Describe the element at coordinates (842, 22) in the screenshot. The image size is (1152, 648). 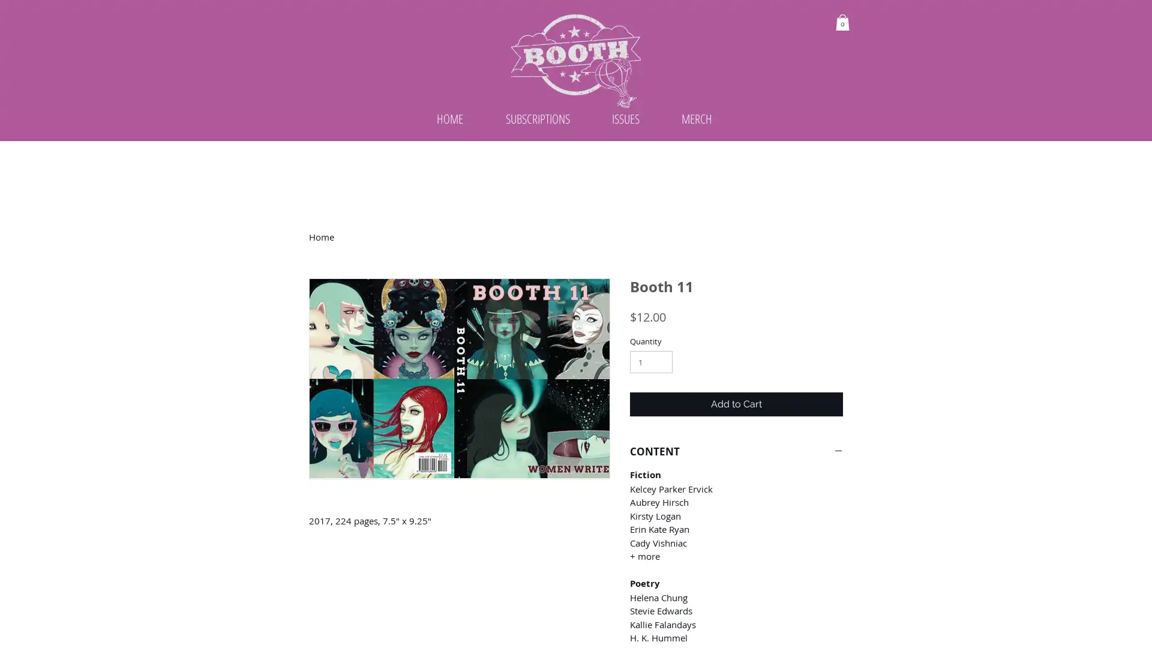
I see `Cart with 0 items` at that location.